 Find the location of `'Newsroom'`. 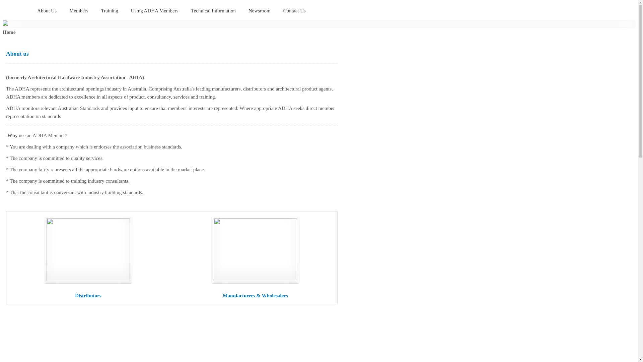

'Newsroom' is located at coordinates (260, 11).